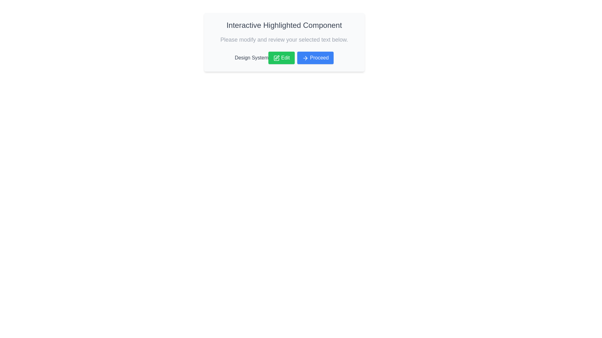 The width and height of the screenshot is (602, 338). I want to click on the right-facing arrow icon styled with a thin outline on the blue 'Proceed' button, which indicates progression or movement, so click(305, 58).